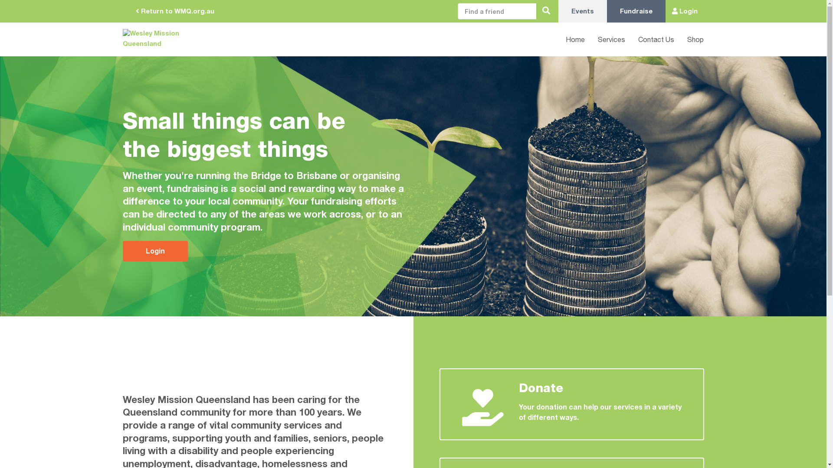  Describe the element at coordinates (122, 251) in the screenshot. I see `'Login'` at that location.